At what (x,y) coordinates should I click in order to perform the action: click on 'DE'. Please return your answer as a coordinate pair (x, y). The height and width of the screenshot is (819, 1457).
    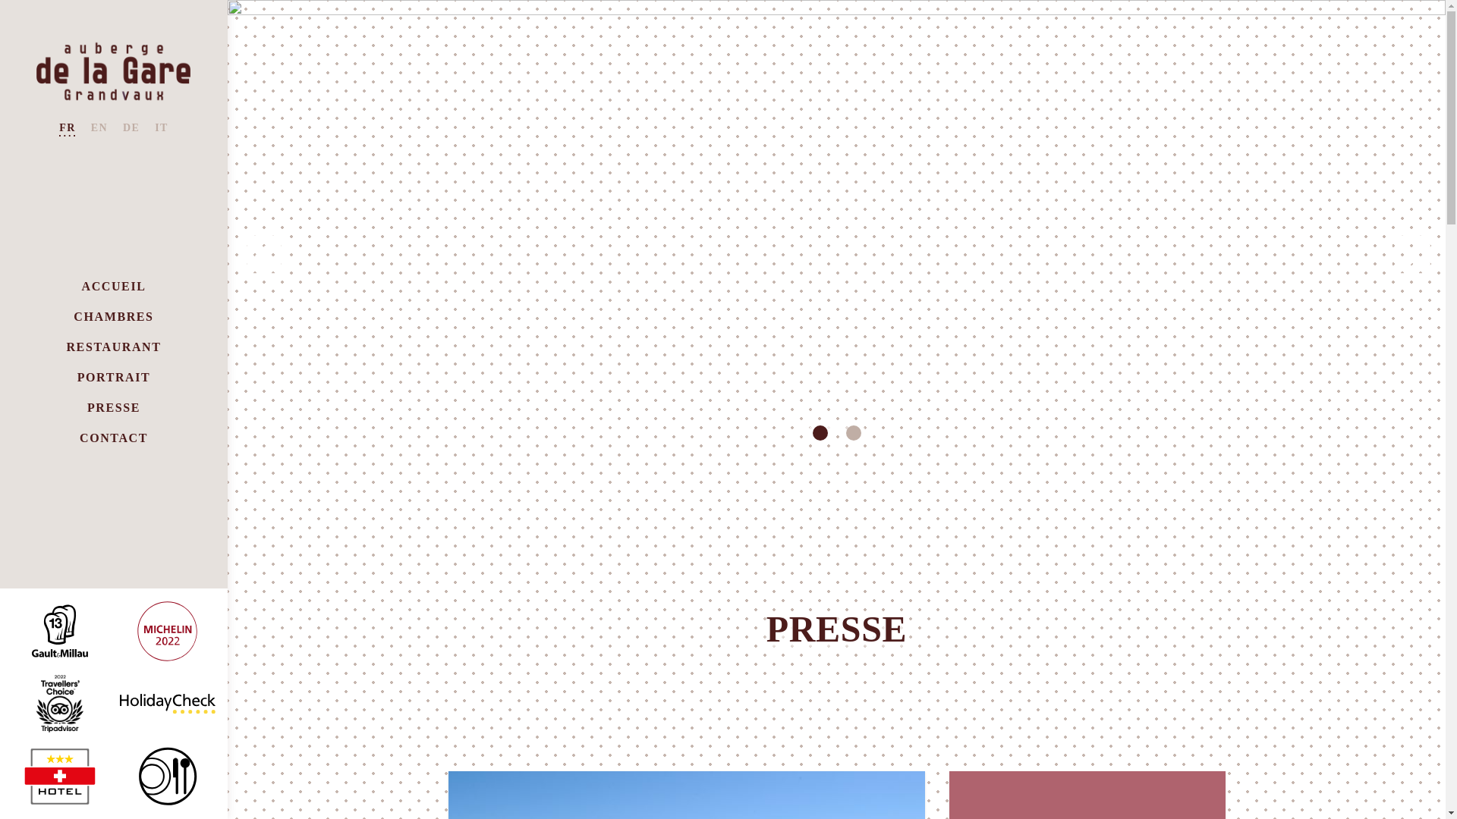
    Looking at the image, I should click on (131, 127).